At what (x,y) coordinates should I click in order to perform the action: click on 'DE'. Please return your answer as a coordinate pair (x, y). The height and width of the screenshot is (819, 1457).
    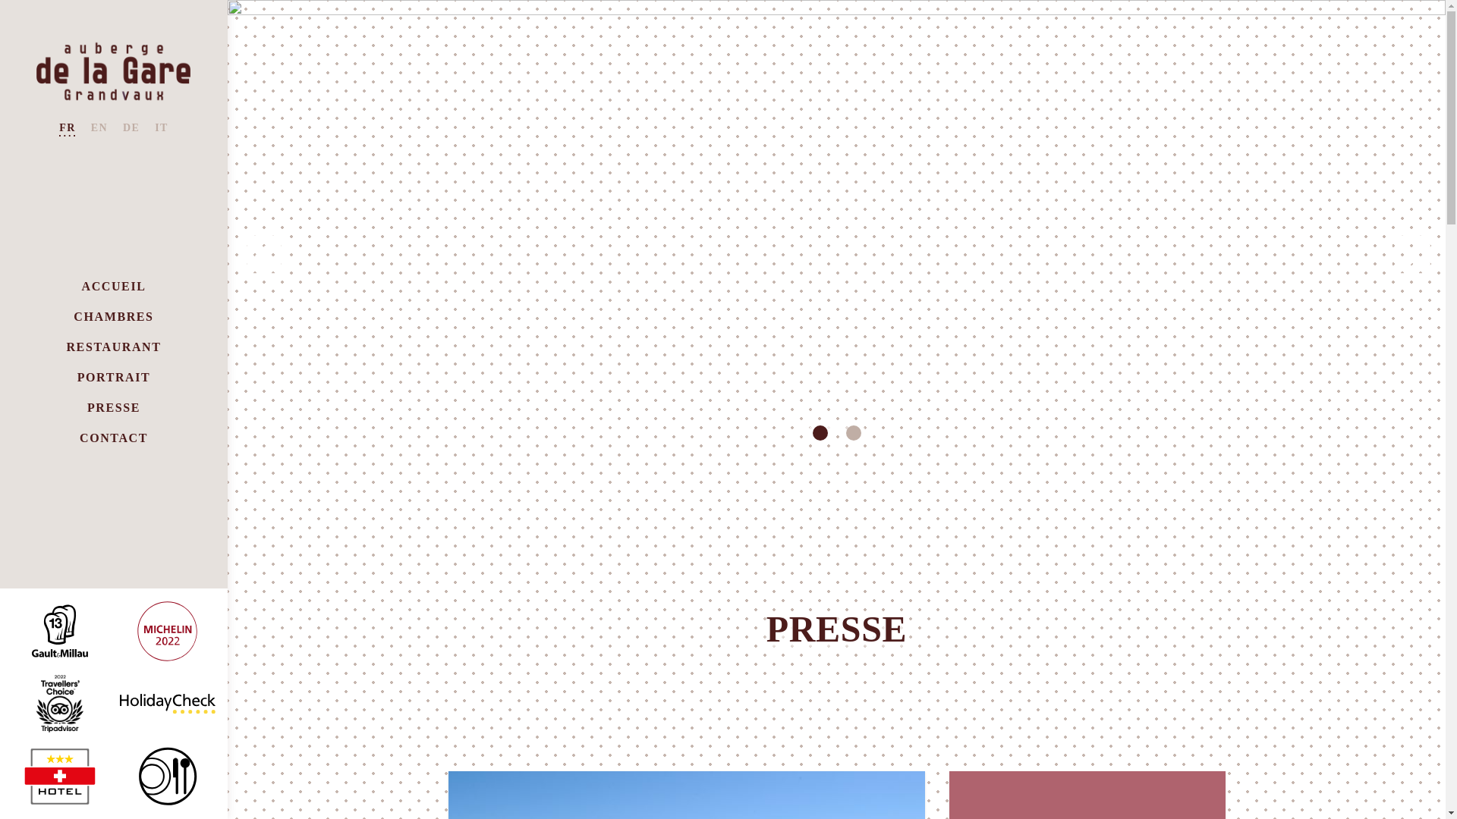
    Looking at the image, I should click on (131, 127).